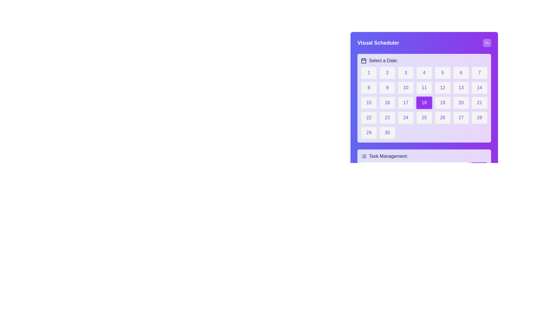 Image resolution: width=553 pixels, height=311 pixels. I want to click on the interactive date button in the calendar component located in the fourth row and second column, allowing for keyboard navigation, so click(387, 117).